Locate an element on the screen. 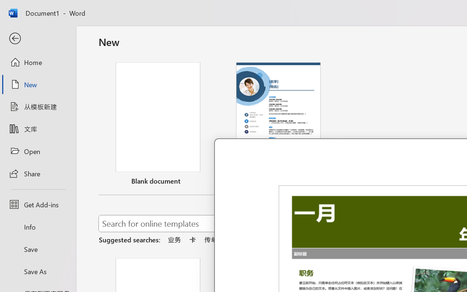  'Save As' is located at coordinates (38, 271).